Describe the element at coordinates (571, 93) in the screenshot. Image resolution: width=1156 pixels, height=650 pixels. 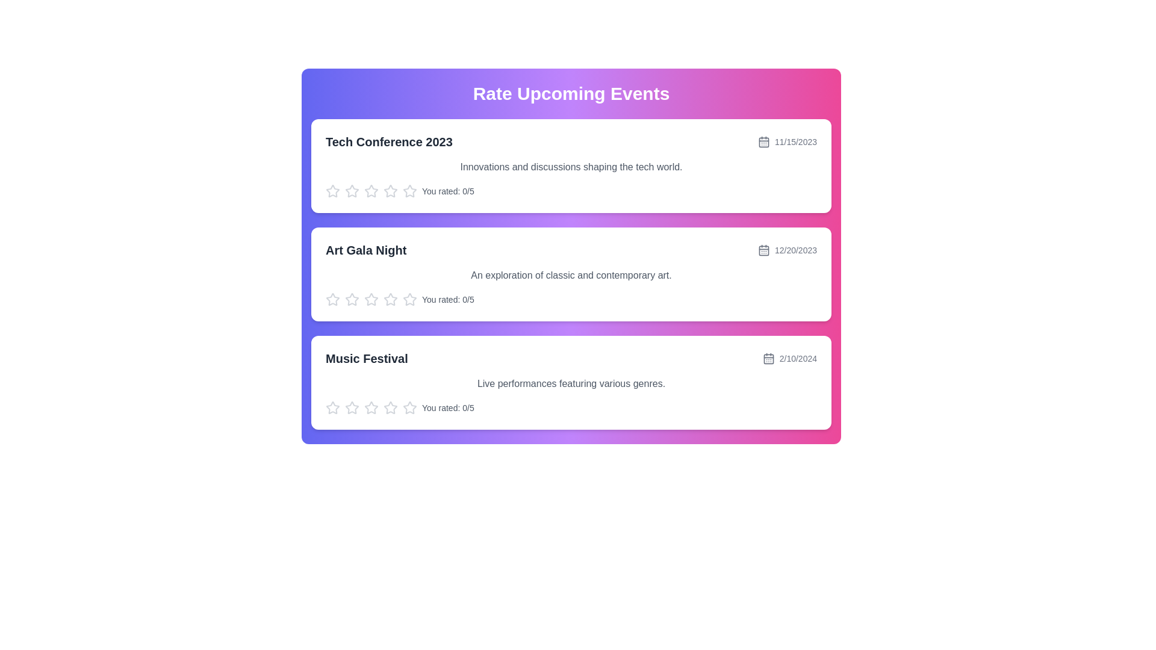
I see `the title text that serves as a headline for the section informing users about the content below, which focuses on rating events` at that location.